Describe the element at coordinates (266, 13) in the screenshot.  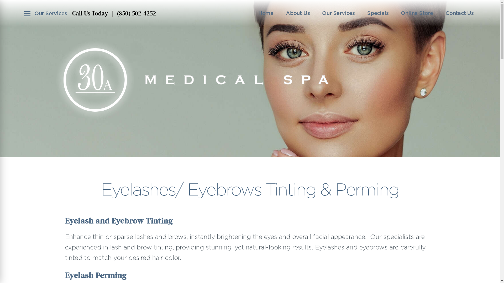
I see `'Home'` at that location.